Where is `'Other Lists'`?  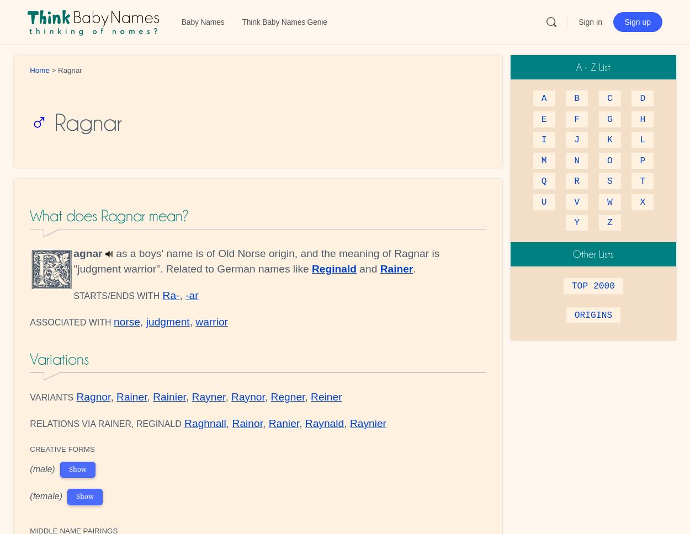
'Other Lists' is located at coordinates (593, 253).